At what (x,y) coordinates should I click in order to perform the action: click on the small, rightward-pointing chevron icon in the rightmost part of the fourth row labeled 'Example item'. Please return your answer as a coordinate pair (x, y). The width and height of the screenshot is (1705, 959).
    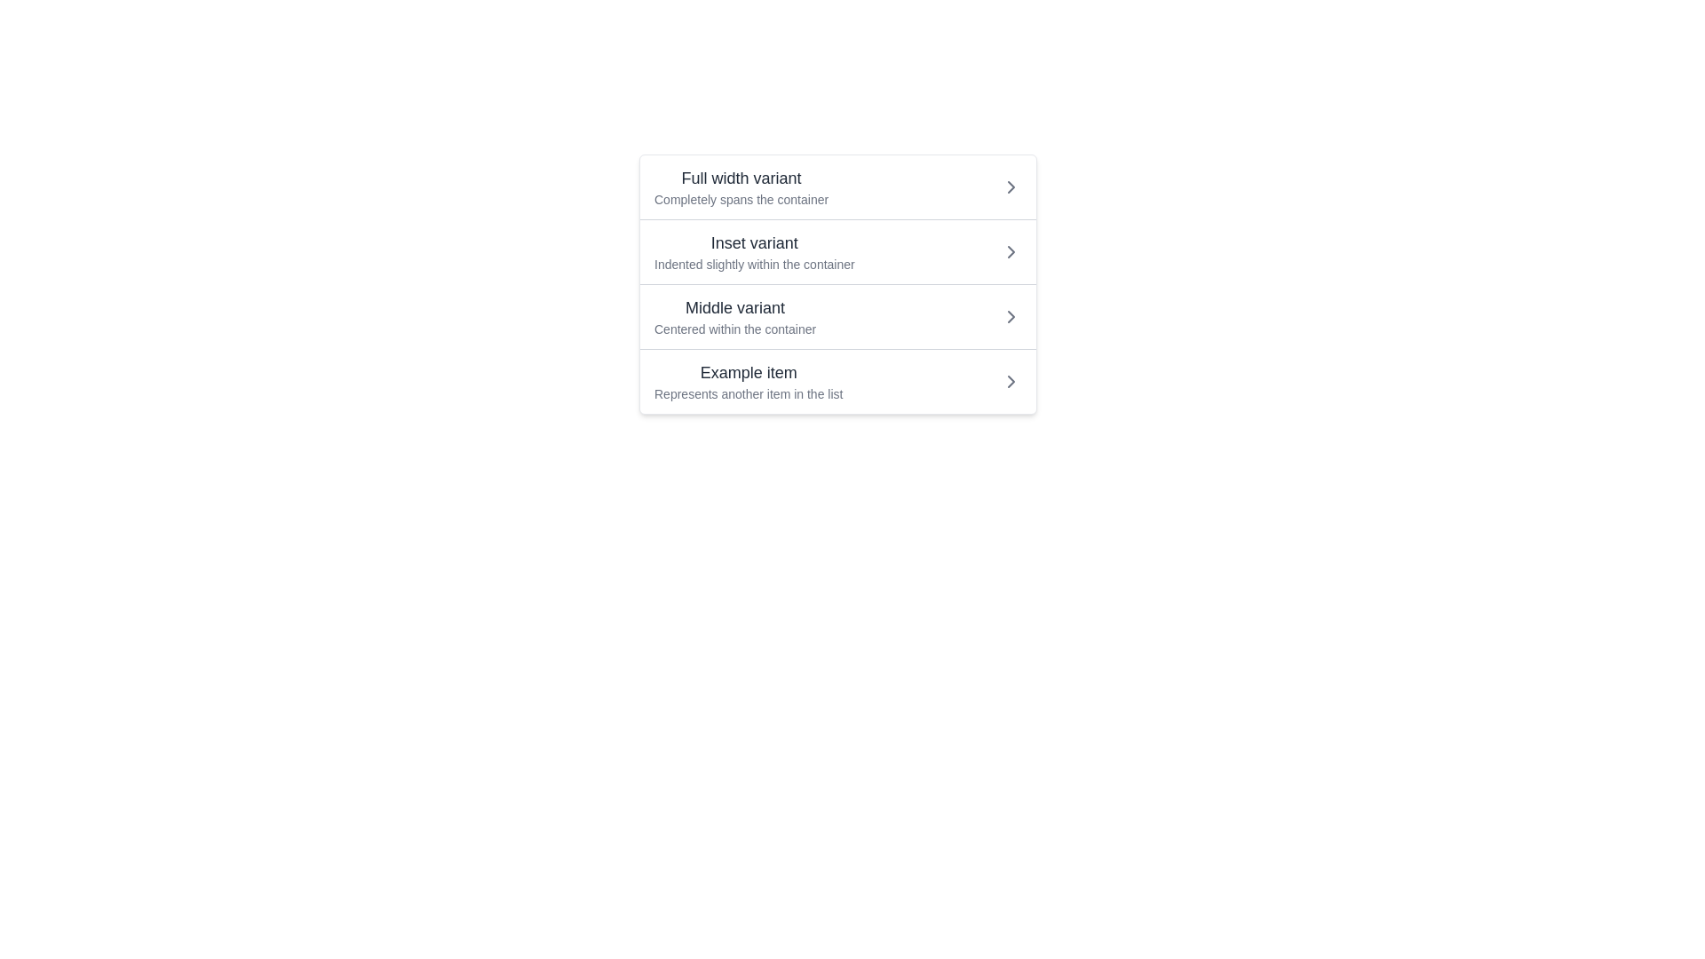
    Looking at the image, I should click on (1011, 380).